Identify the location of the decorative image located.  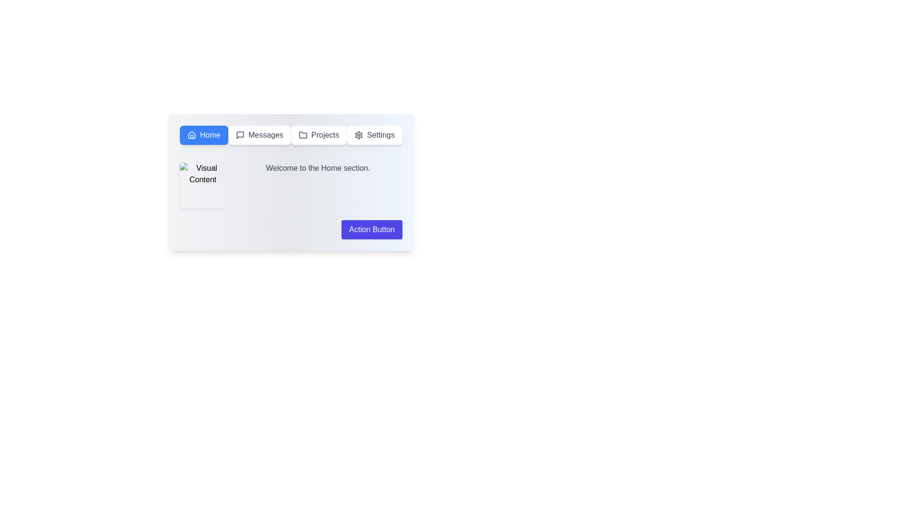
(202, 185).